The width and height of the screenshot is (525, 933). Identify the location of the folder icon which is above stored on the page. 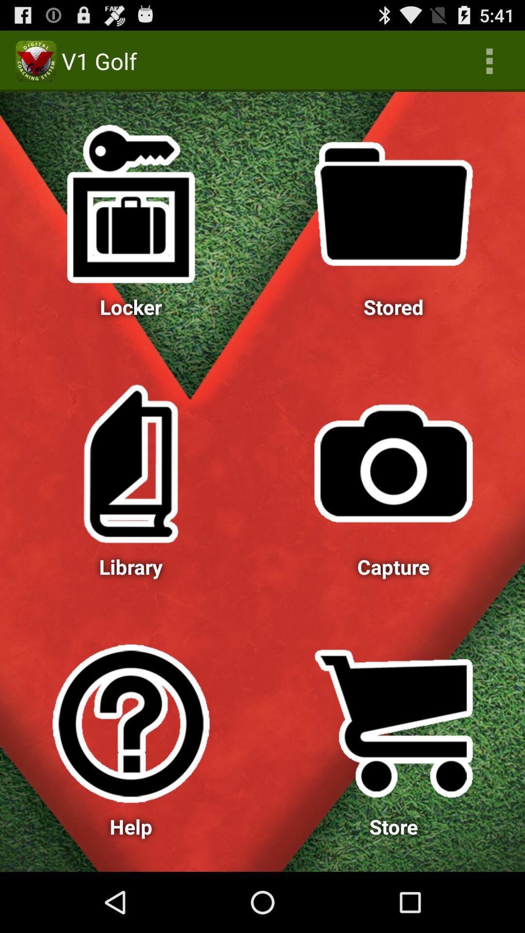
(394, 204).